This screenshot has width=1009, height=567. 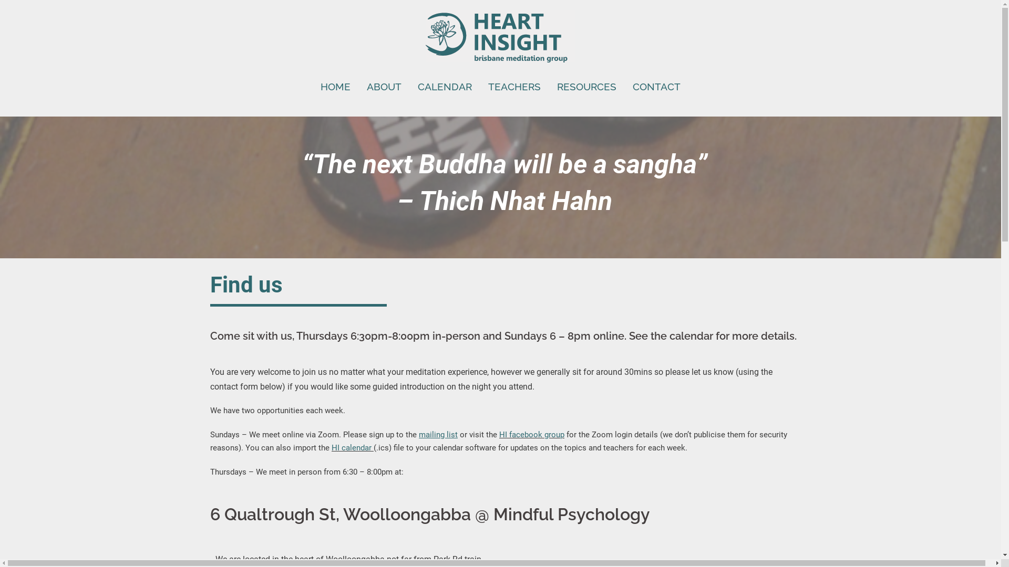 I want to click on 'HI calendar', so click(x=351, y=447).